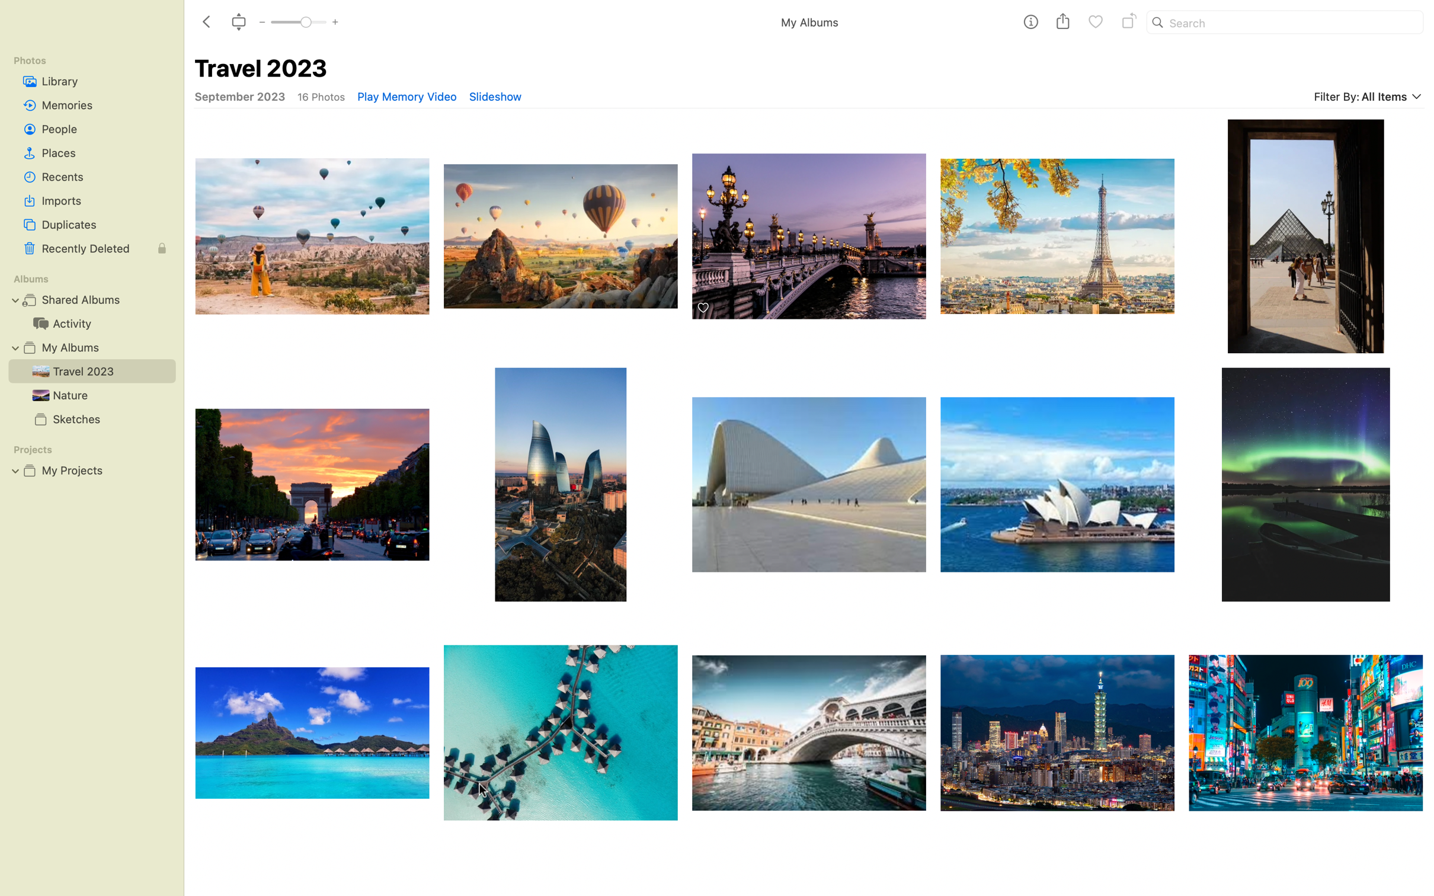 This screenshot has width=1434, height=896. I want to click on album named "Memories" and use top panel controls to enlarge the photographs, so click(91, 104).